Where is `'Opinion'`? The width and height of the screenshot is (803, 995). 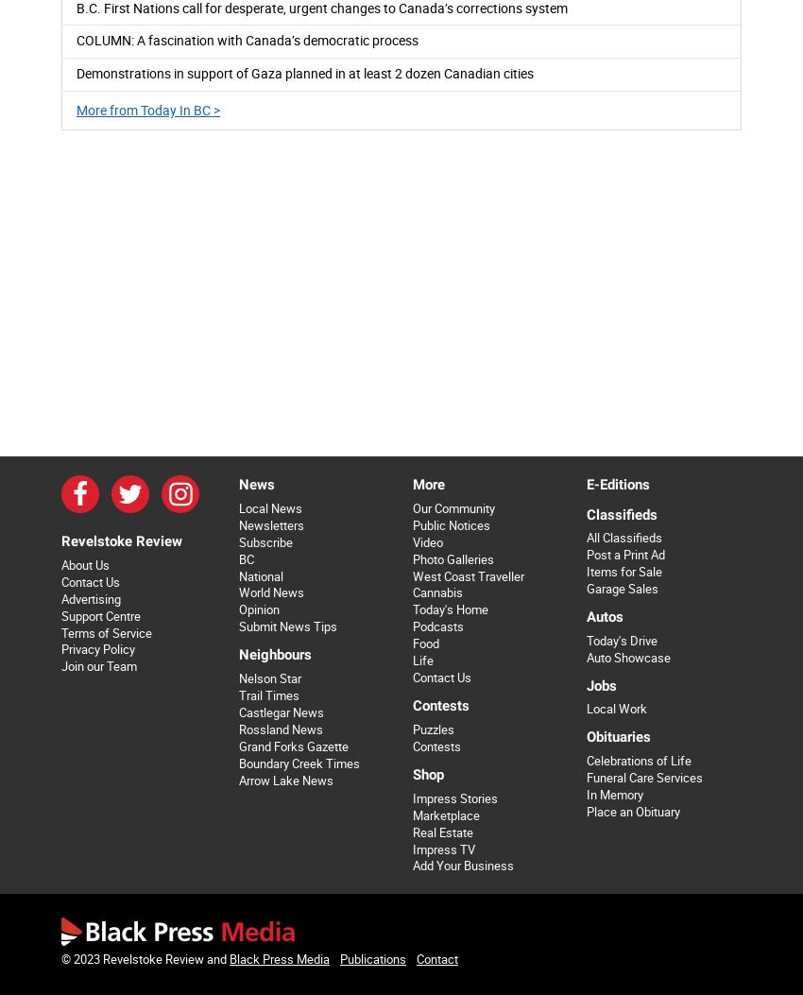
'Opinion' is located at coordinates (238, 609).